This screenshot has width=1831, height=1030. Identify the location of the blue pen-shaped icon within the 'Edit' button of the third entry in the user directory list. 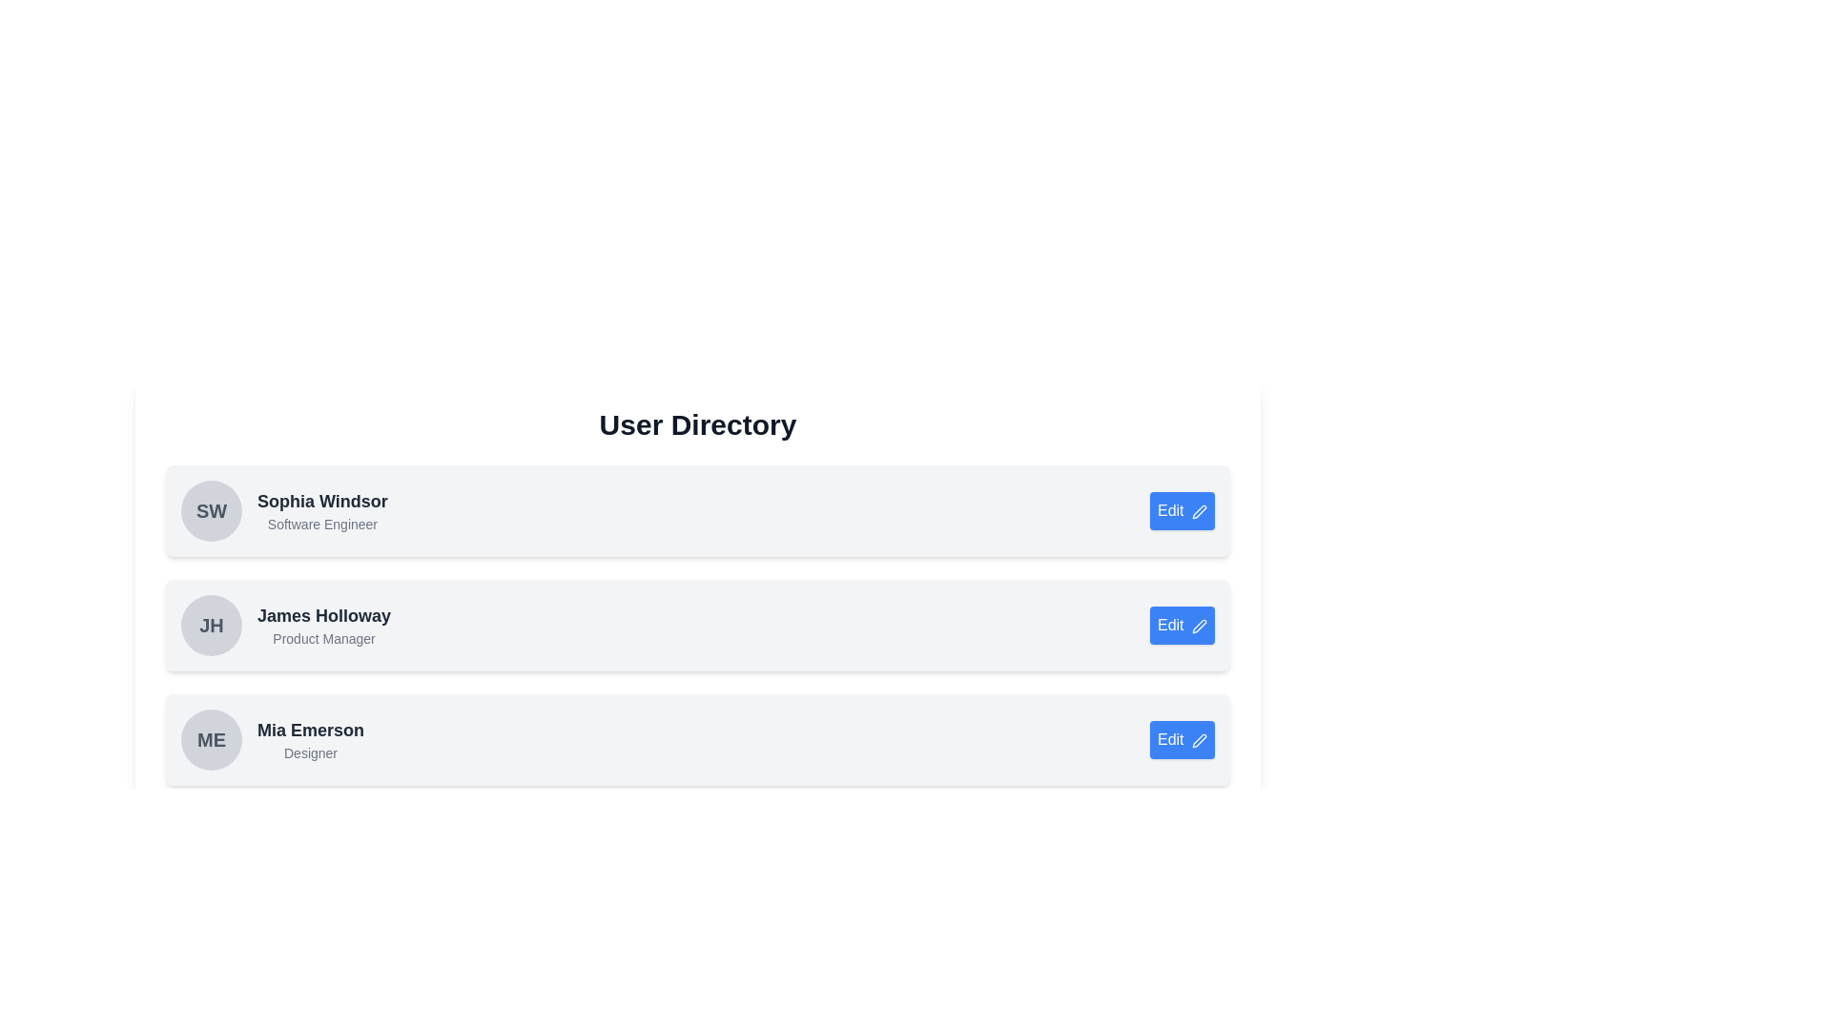
(1198, 738).